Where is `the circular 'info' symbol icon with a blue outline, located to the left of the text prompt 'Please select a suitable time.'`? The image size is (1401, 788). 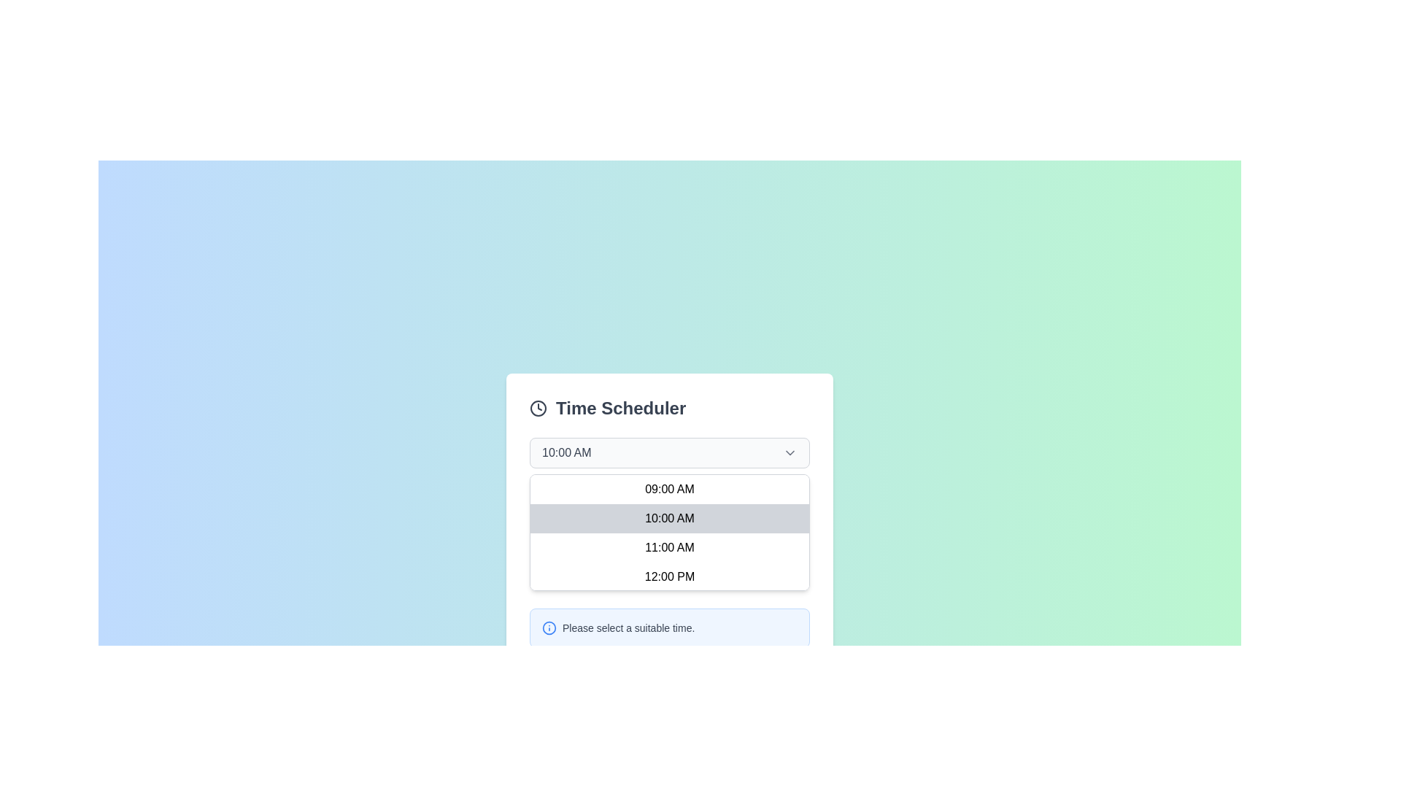 the circular 'info' symbol icon with a blue outline, located to the left of the text prompt 'Please select a suitable time.' is located at coordinates (549, 627).